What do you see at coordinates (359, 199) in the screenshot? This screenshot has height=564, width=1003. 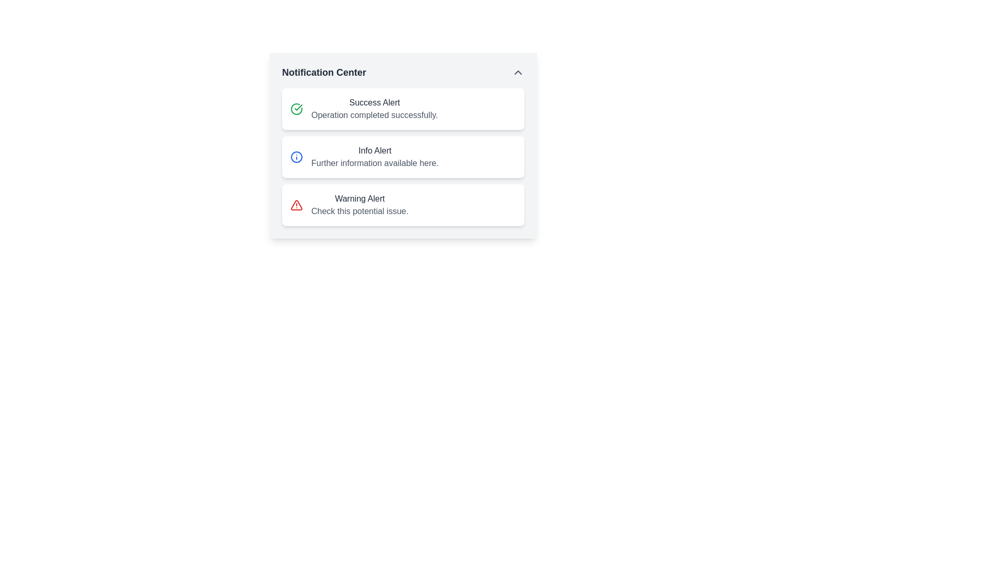 I see `the text label displaying 'Warning Alert', which is styled in a medium-weight font and darker gray color, located above the text 'Check this potential issue' in the third notification item of the 'Notification Center'` at bounding box center [359, 199].